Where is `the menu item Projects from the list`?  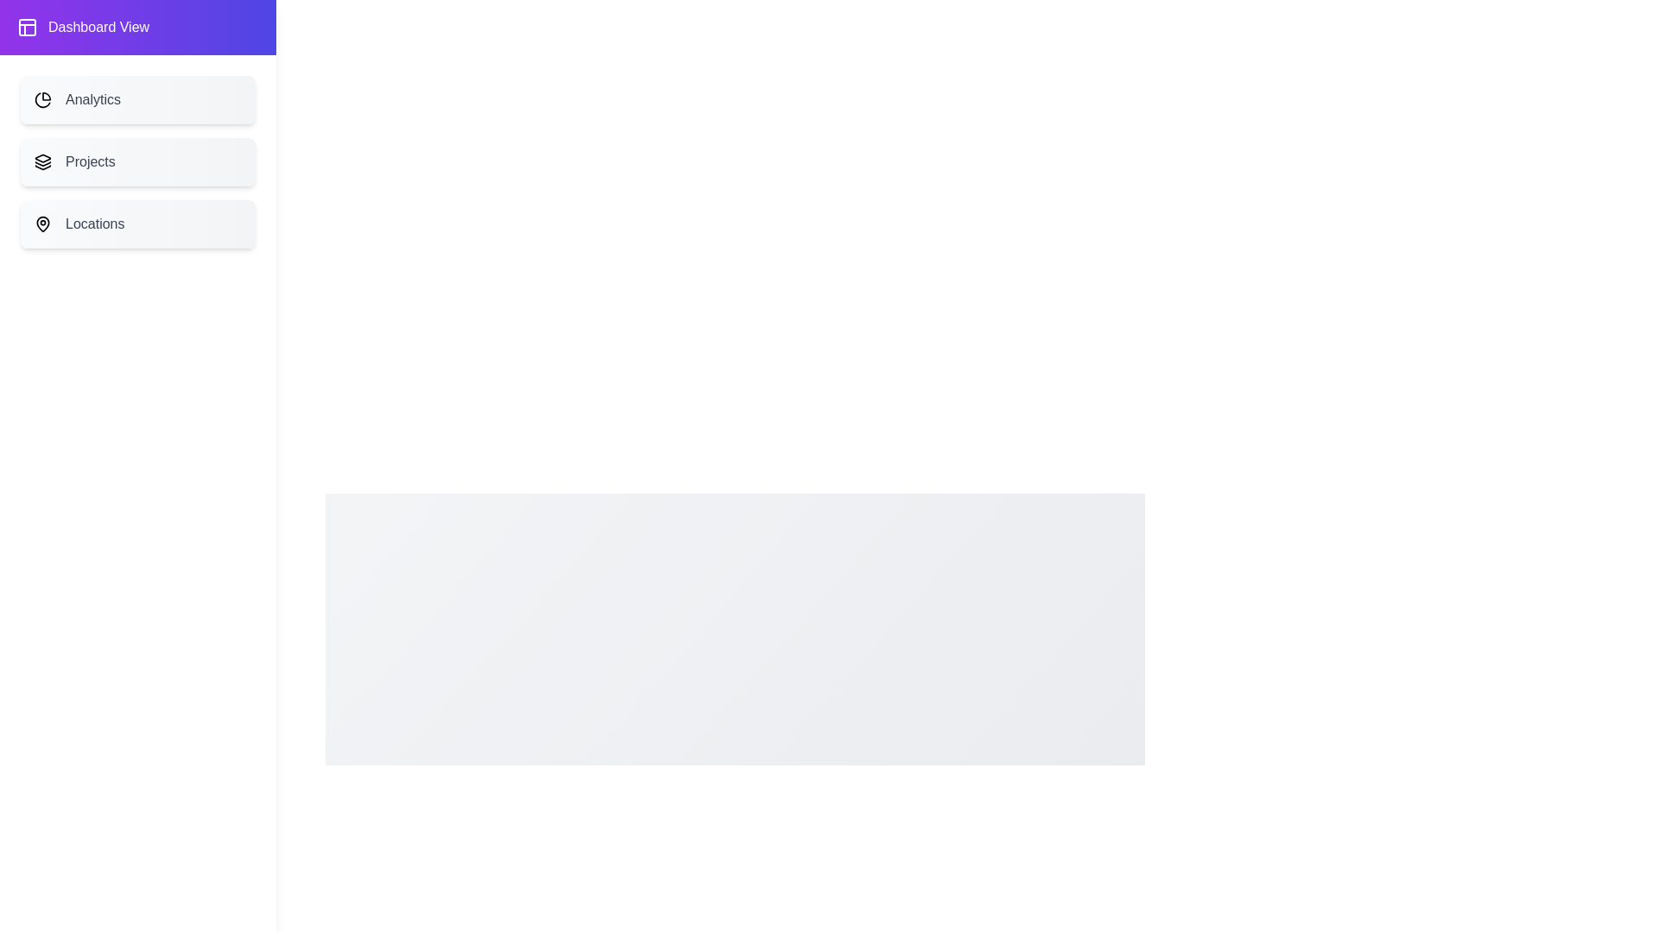 the menu item Projects from the list is located at coordinates (136, 162).